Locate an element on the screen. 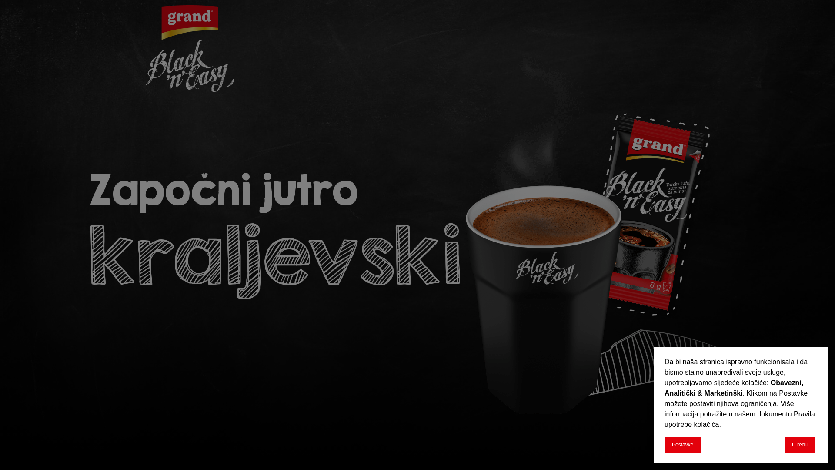 The width and height of the screenshot is (835, 470). 'Postavke' is located at coordinates (682, 445).